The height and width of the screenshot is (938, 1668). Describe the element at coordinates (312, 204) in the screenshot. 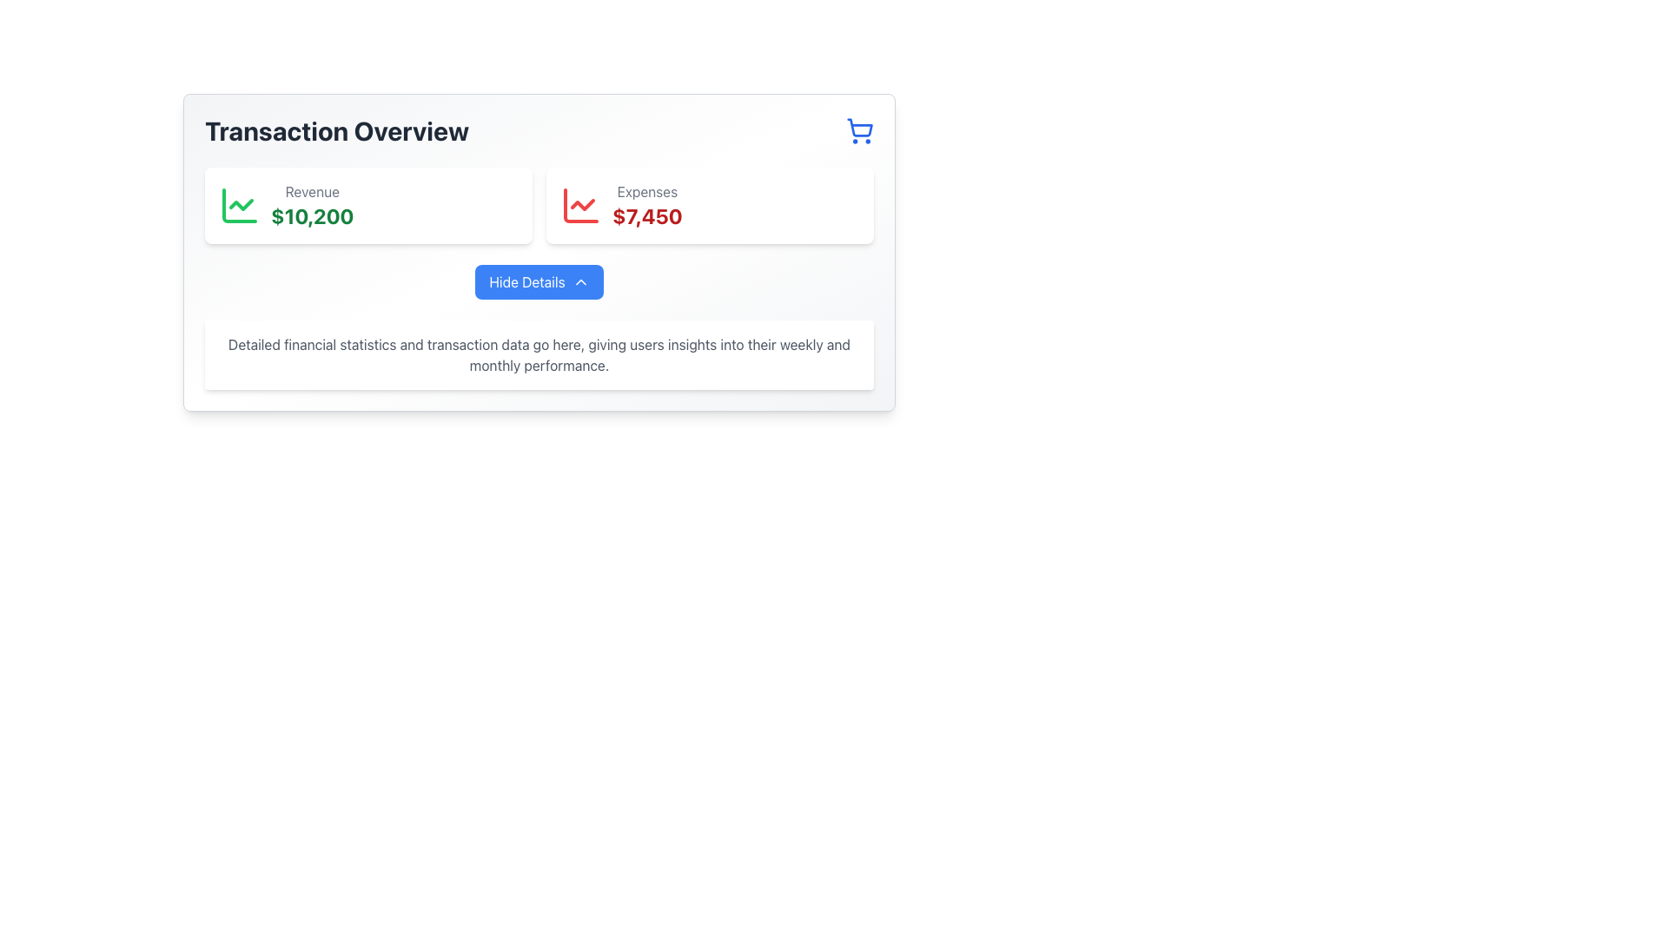

I see `the static text display showing 'Revenue' and the value '$10,200', located in the upper-left corner of the financial overview display` at that location.